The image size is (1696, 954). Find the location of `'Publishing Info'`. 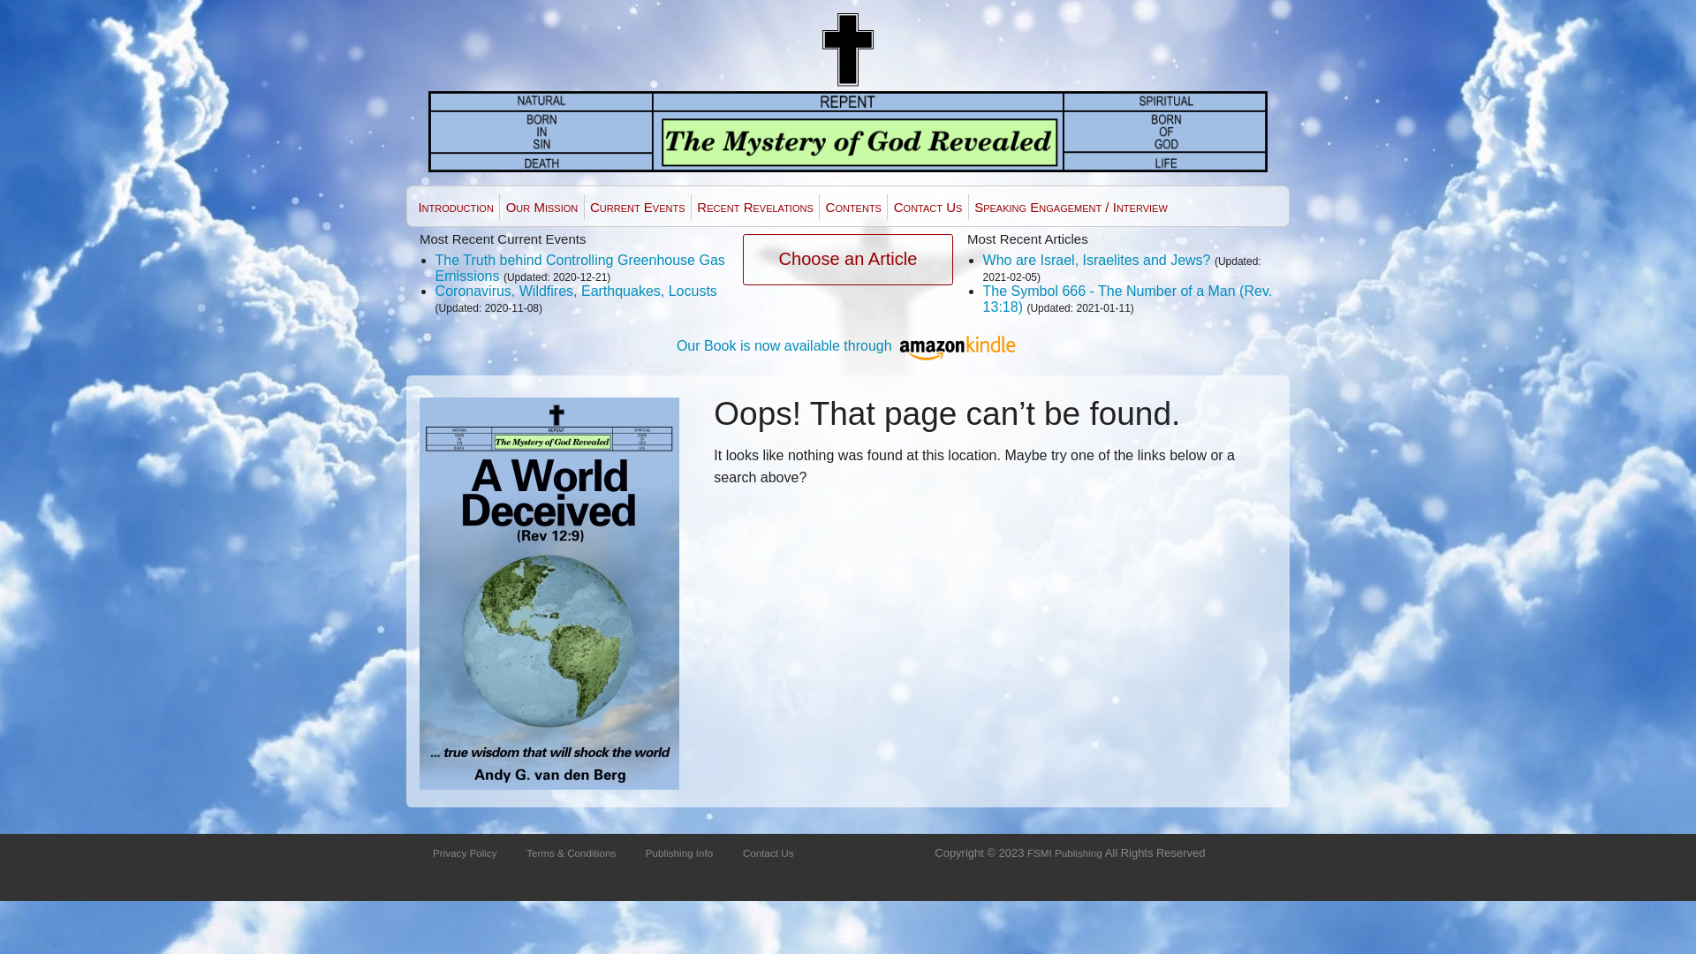

'Publishing Info' is located at coordinates (678, 852).